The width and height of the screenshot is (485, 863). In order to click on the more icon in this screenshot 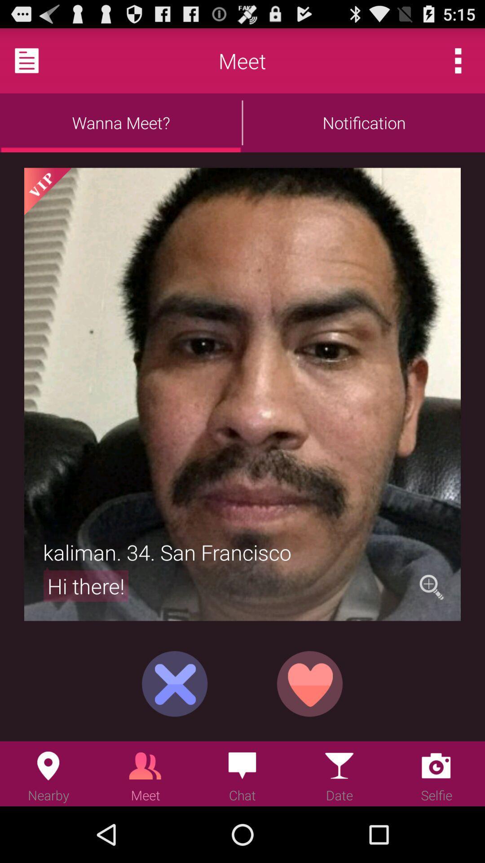, I will do `click(458, 64)`.